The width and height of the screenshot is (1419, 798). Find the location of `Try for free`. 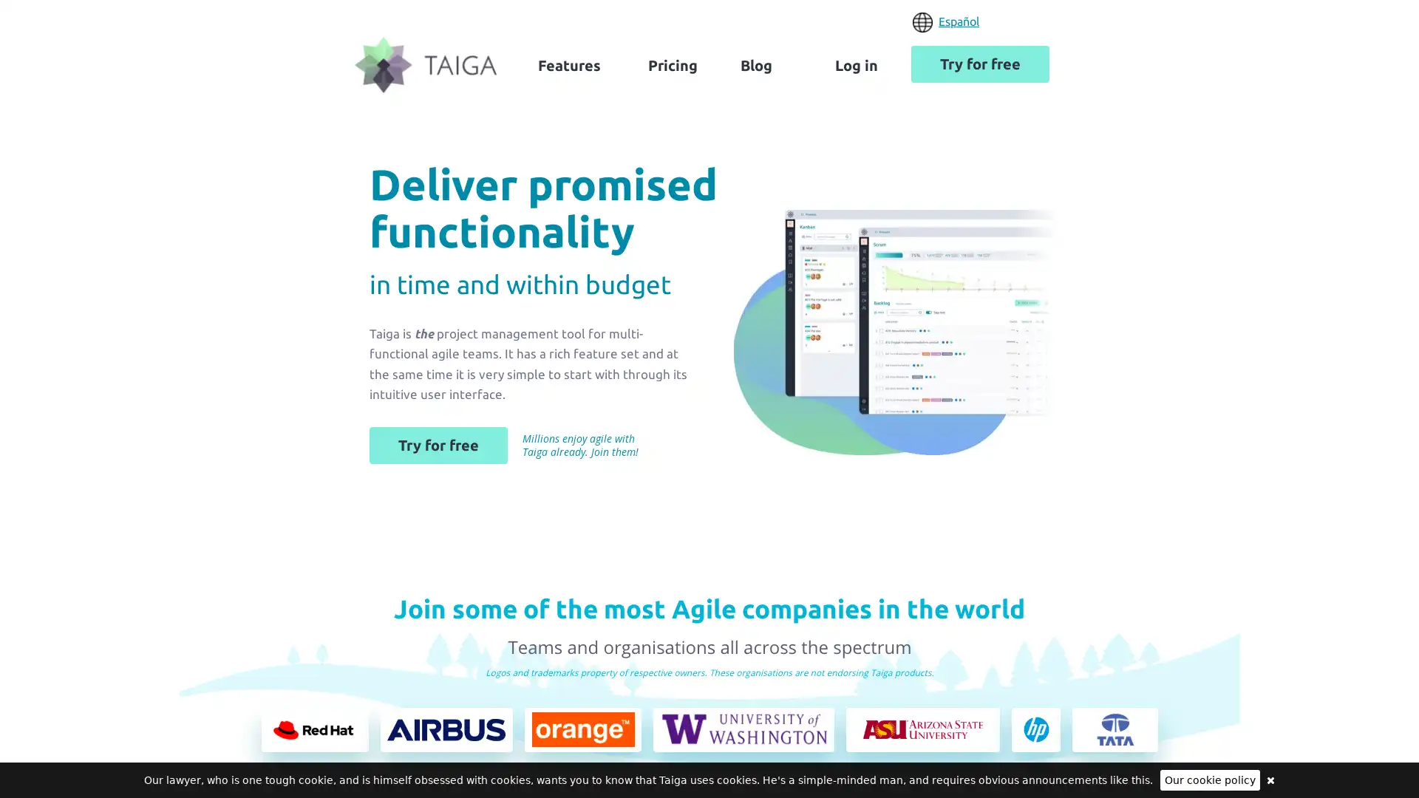

Try for free is located at coordinates (438, 443).